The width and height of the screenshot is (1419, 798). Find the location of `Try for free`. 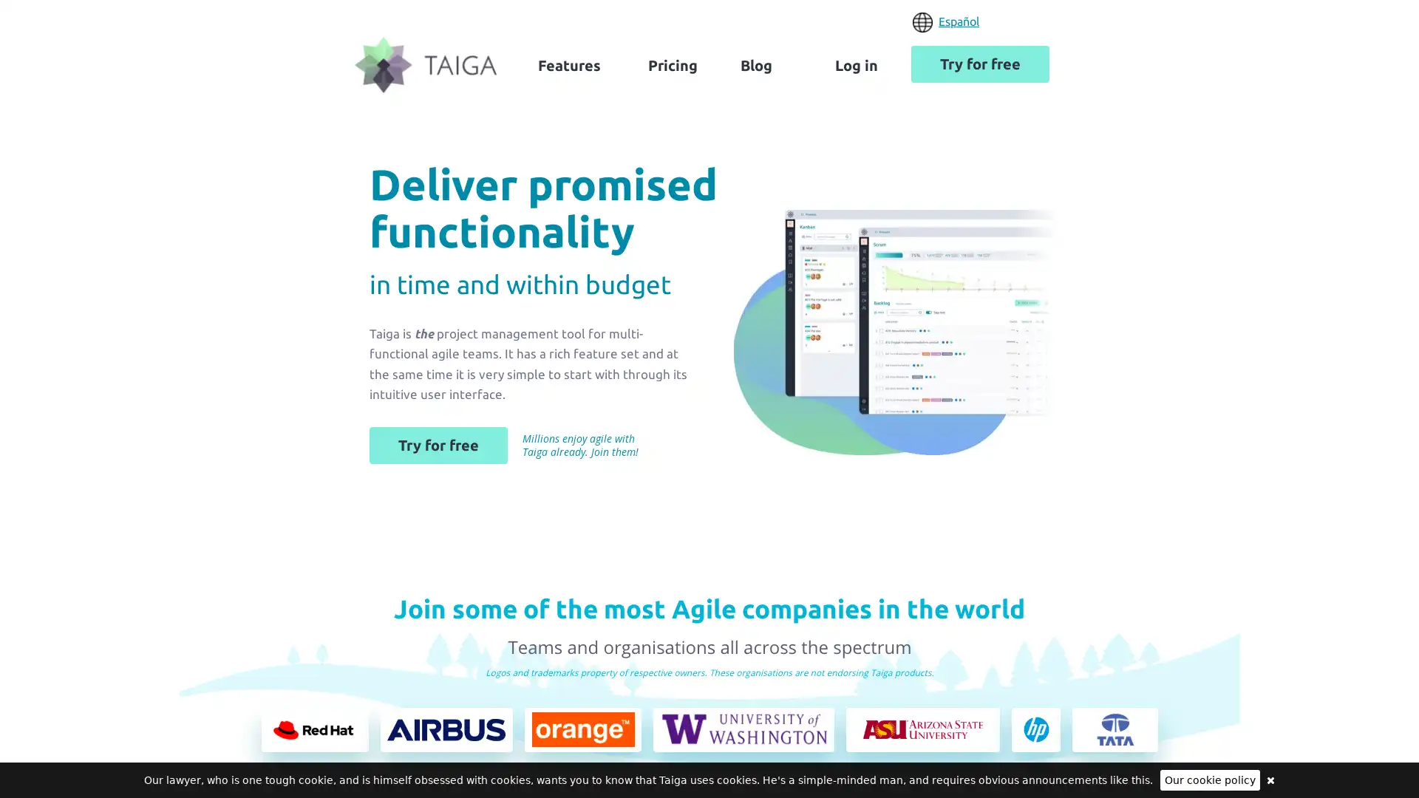

Try for free is located at coordinates (438, 443).